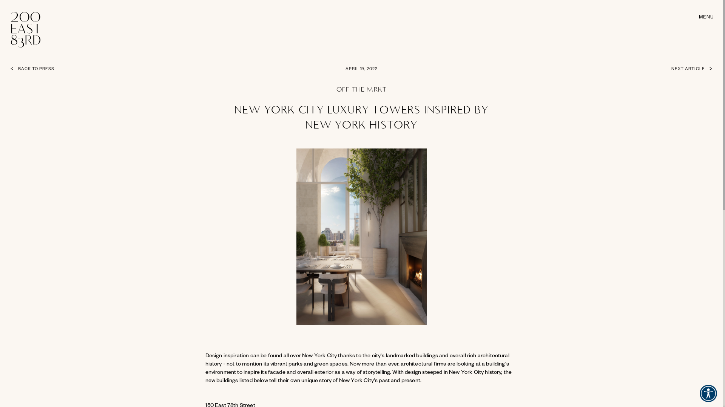 This screenshot has width=725, height=407. Describe the element at coordinates (54, 69) in the screenshot. I see `'BACK TO PRESS'` at that location.